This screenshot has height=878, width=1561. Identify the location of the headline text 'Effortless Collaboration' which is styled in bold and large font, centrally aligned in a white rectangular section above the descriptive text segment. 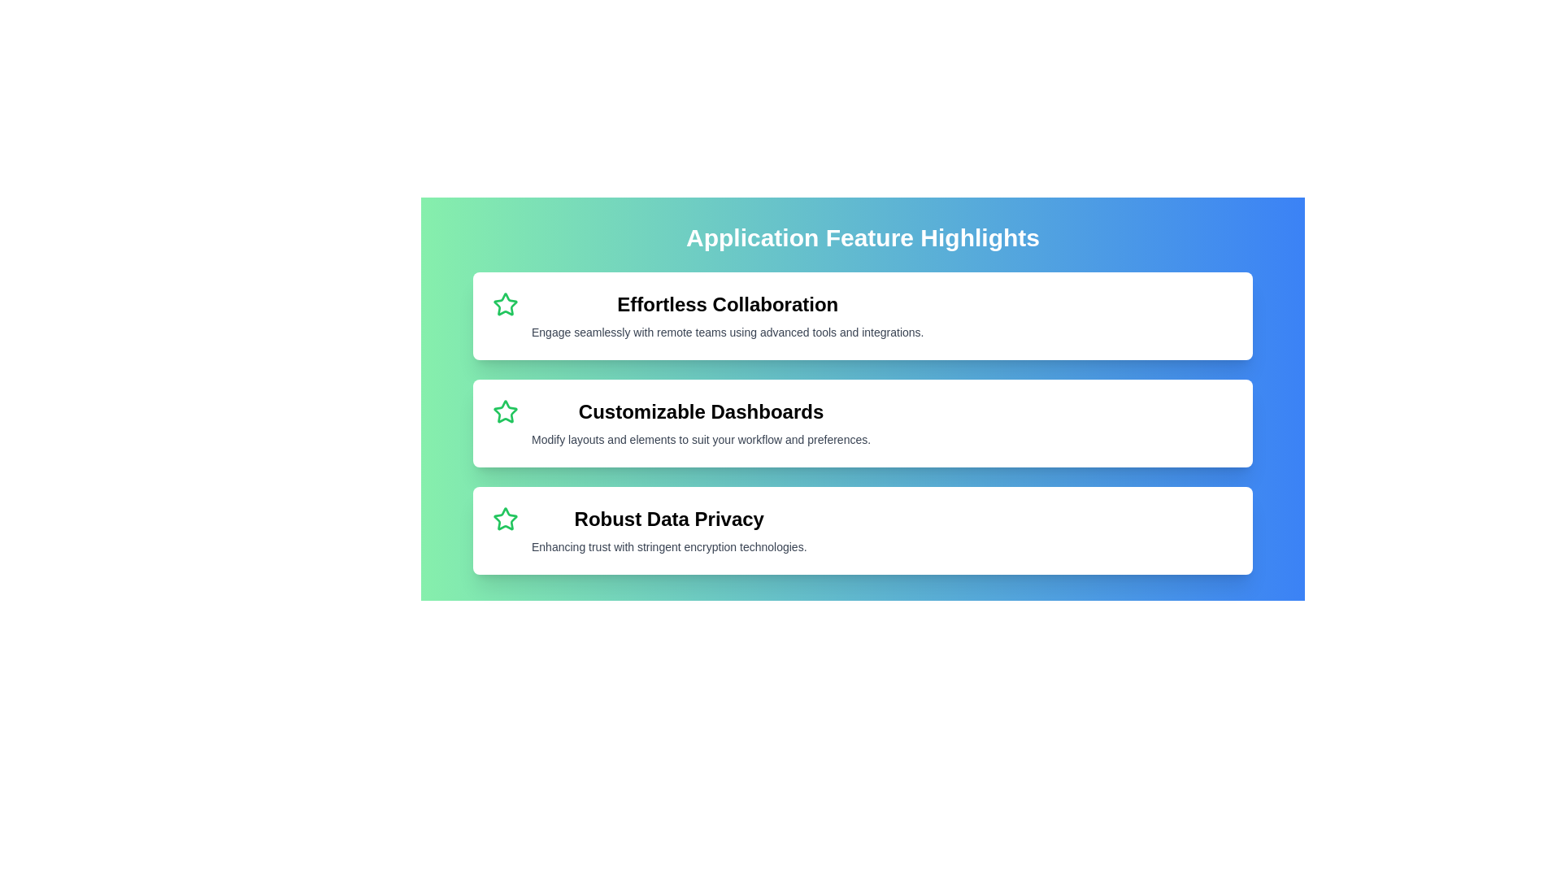
(727, 304).